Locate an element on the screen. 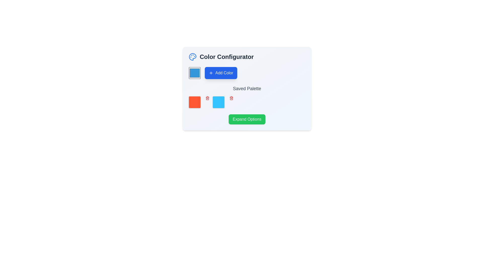 This screenshot has width=483, height=272. the button located in the light blue 'Color Configurator' box is located at coordinates (247, 119).